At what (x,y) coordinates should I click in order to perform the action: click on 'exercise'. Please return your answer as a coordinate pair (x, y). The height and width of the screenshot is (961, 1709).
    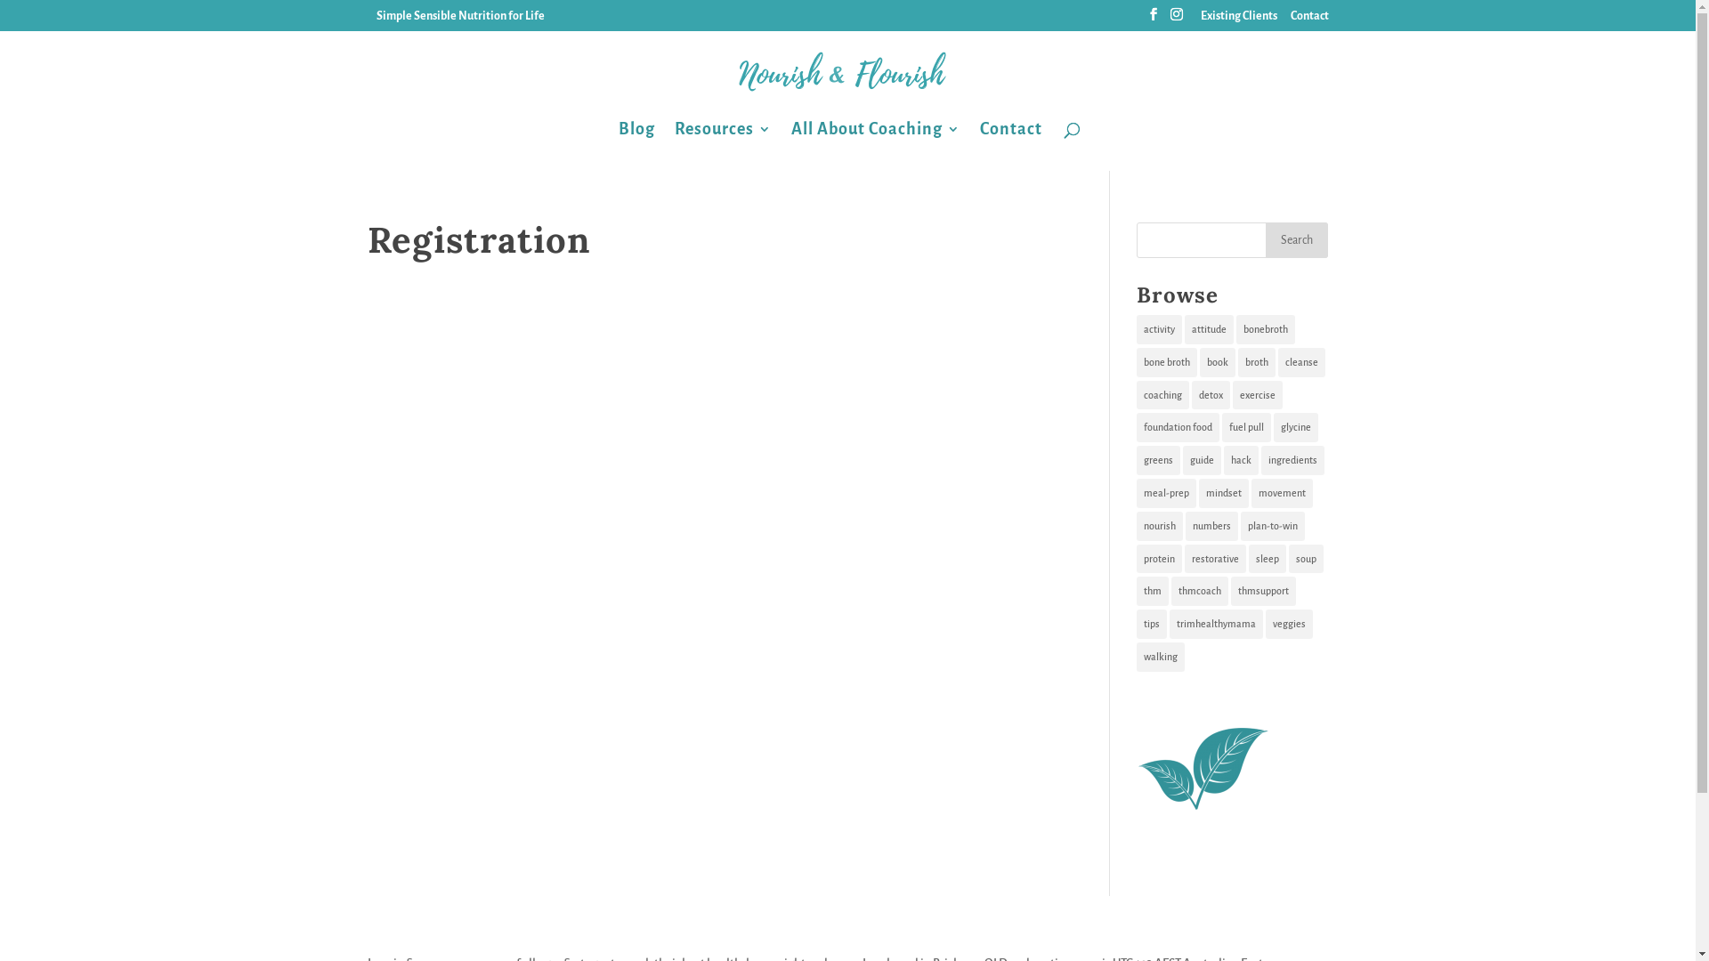
    Looking at the image, I should click on (1256, 394).